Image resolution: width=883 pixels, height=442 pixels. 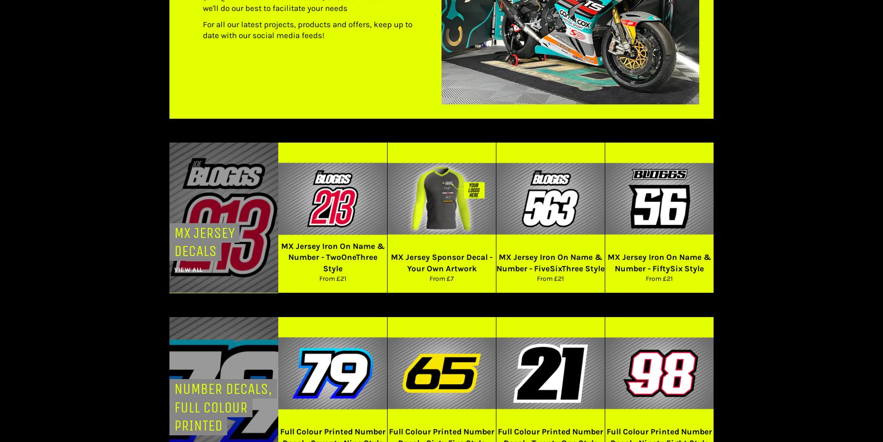 What do you see at coordinates (332, 257) in the screenshot?
I see `'MX Jersey Iron On Name & Number - TwoOneThree Style'` at bounding box center [332, 257].